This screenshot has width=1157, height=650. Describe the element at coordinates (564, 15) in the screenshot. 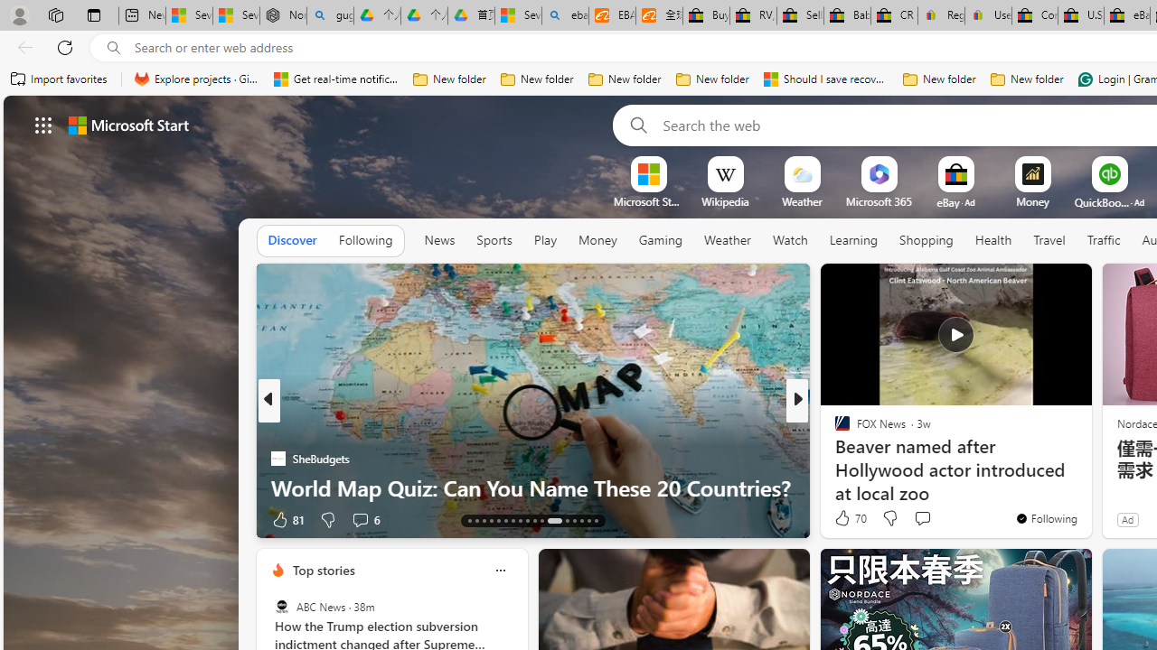

I see `'ebay - Search'` at that location.